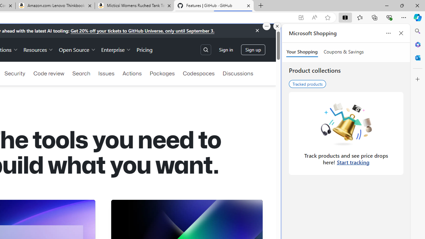  What do you see at coordinates (77, 49) in the screenshot?
I see `'Open Source'` at bounding box center [77, 49].